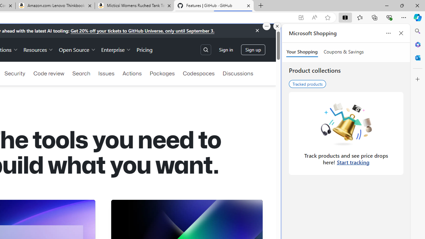  What do you see at coordinates (77, 49) in the screenshot?
I see `'Open Source'` at bounding box center [77, 49].